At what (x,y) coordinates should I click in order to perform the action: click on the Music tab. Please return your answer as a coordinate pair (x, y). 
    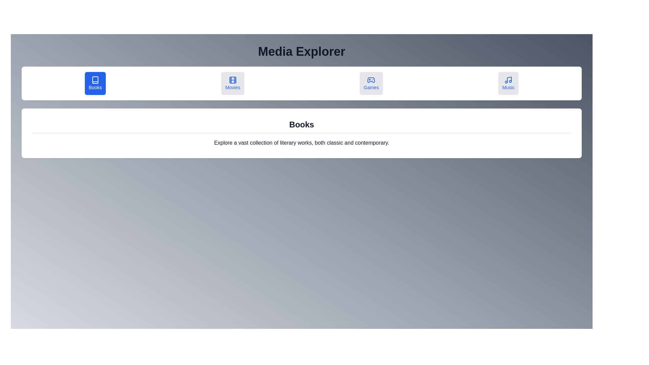
    Looking at the image, I should click on (508, 83).